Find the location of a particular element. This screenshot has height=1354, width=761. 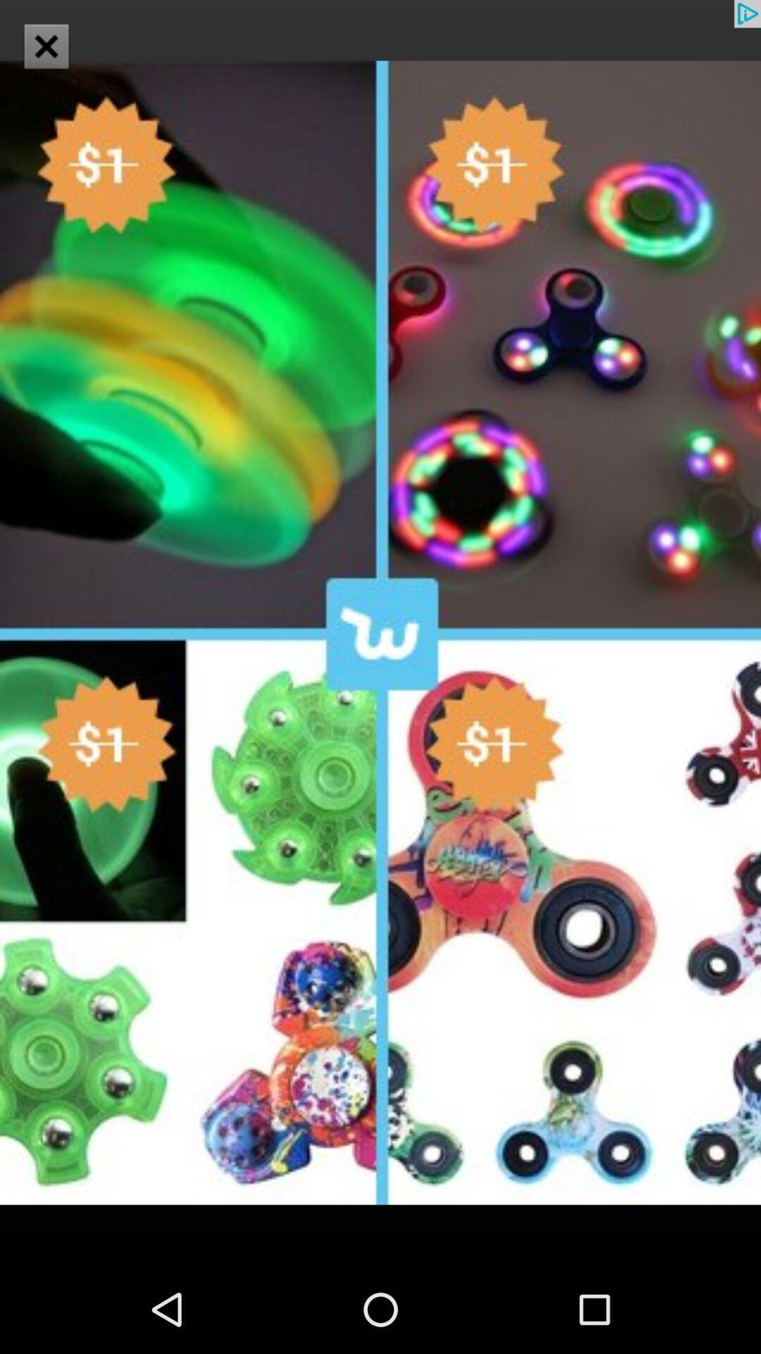

the close icon is located at coordinates (45, 49).